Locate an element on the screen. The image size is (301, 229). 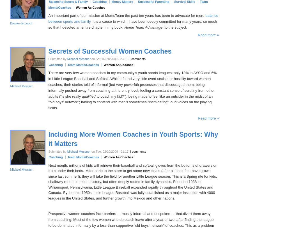
', to the subject.' is located at coordinates (174, 27).